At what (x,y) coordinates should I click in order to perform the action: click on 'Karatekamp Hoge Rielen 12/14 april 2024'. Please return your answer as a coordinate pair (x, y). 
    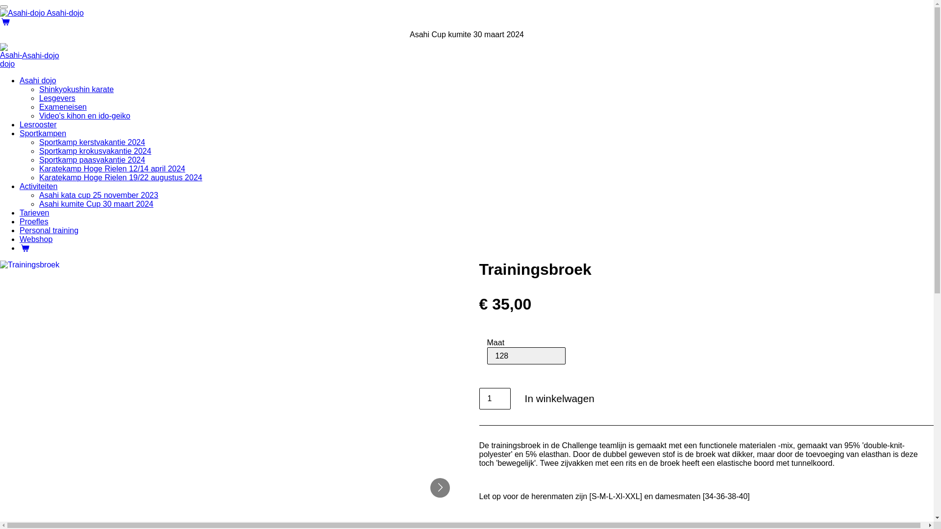
    Looking at the image, I should click on (39, 168).